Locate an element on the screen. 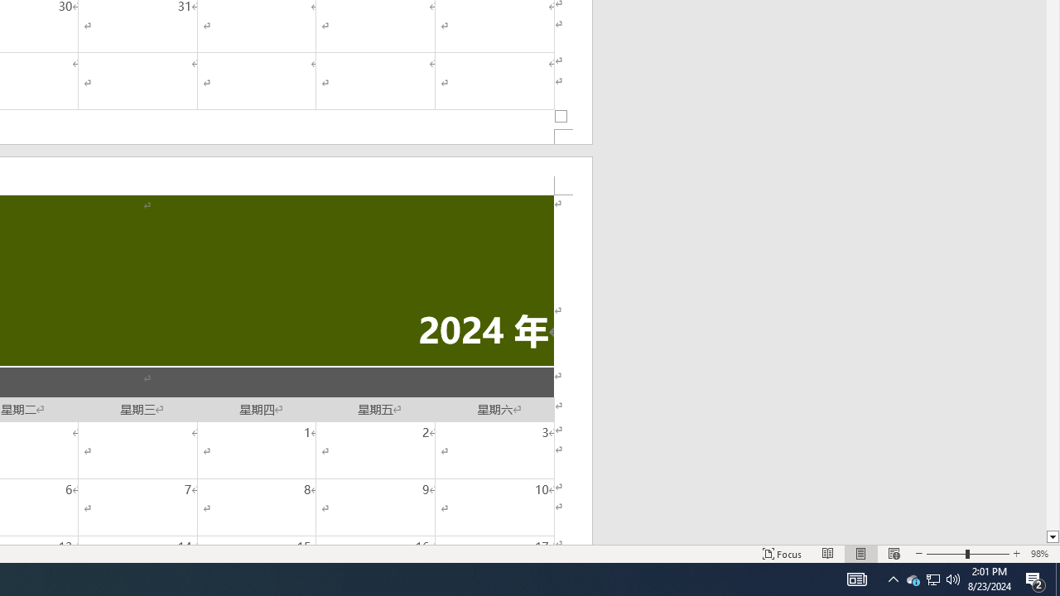 Image resolution: width=1060 pixels, height=596 pixels. 'Line down' is located at coordinates (1052, 537).